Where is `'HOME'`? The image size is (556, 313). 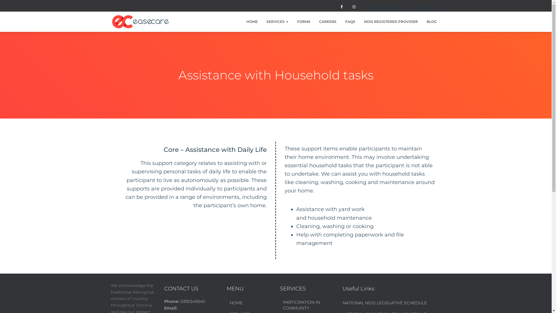
'HOME' is located at coordinates (252, 21).